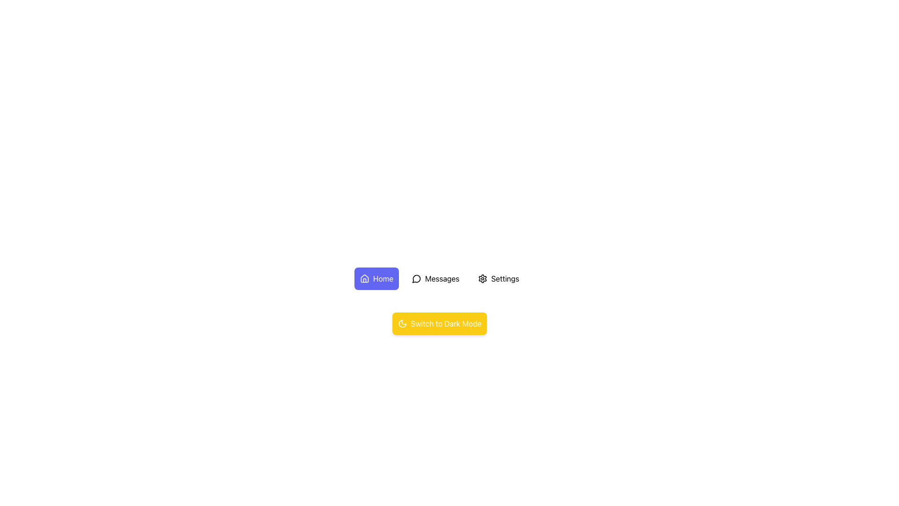 Image resolution: width=899 pixels, height=506 pixels. What do you see at coordinates (435, 278) in the screenshot?
I see `the 'Messages' button, which is a rectangular button with light text on a white background and a chat bubble icon, located between the 'Home' and 'Settings' buttons` at bounding box center [435, 278].